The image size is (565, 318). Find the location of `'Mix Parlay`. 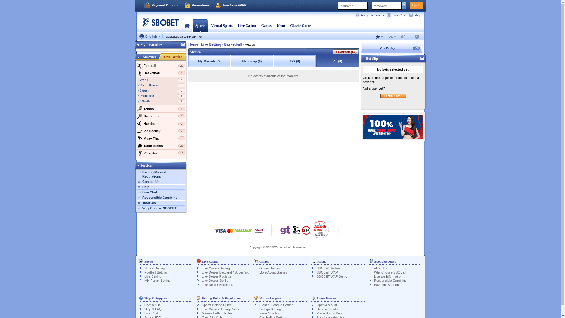

'Mix Parlay is located at coordinates (393, 48).